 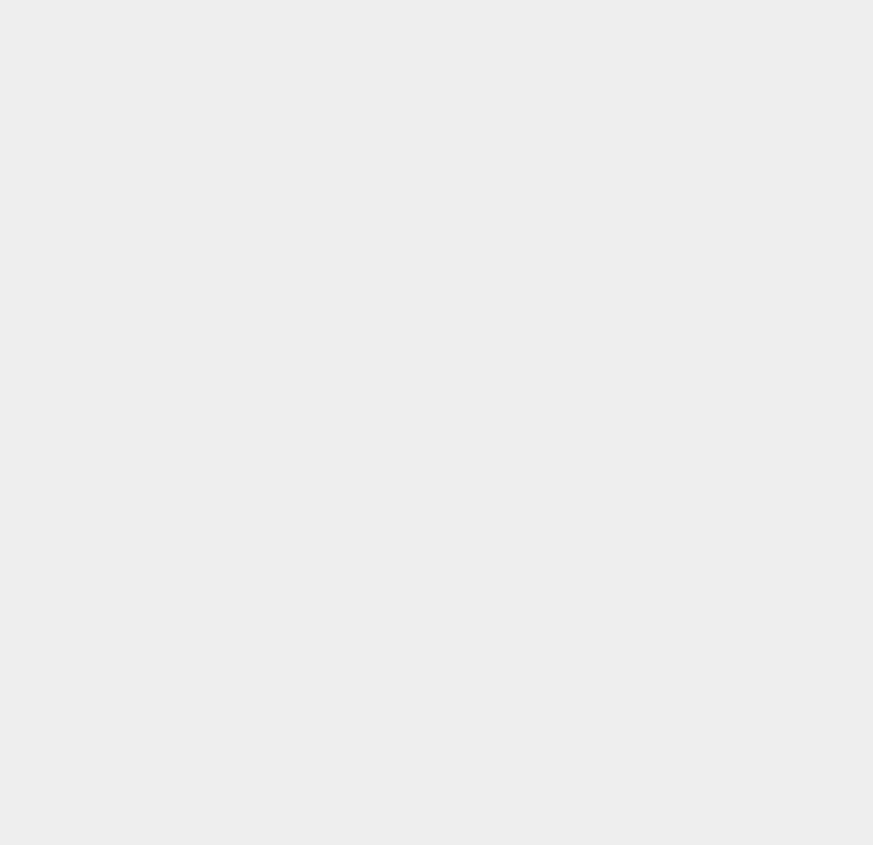 I want to click on 'iOS 4', so click(x=629, y=327).